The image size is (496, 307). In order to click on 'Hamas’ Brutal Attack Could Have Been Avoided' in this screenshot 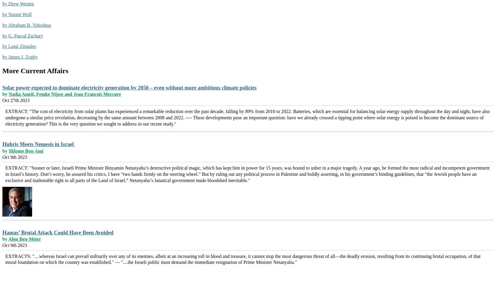, I will do `click(57, 232)`.